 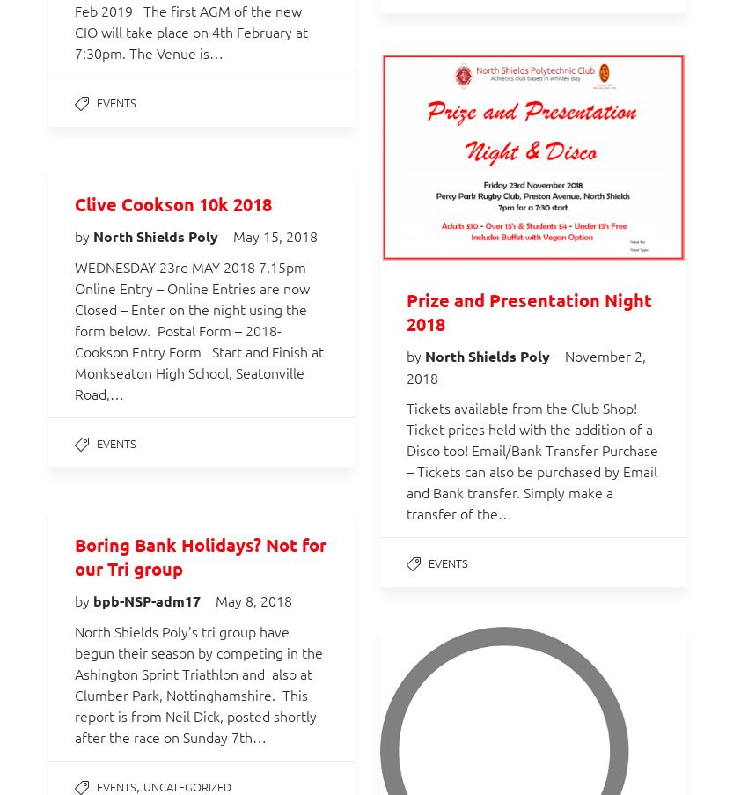 I want to click on 'North Shields Poly’s tri group have begun their season by competing in the Ashington Sprint Triathlon and  also at Clumber Park, Nottinghamshire.  This report is from Neil Dick, posted shortly after the race on Sunday 7th…', so click(x=75, y=683).